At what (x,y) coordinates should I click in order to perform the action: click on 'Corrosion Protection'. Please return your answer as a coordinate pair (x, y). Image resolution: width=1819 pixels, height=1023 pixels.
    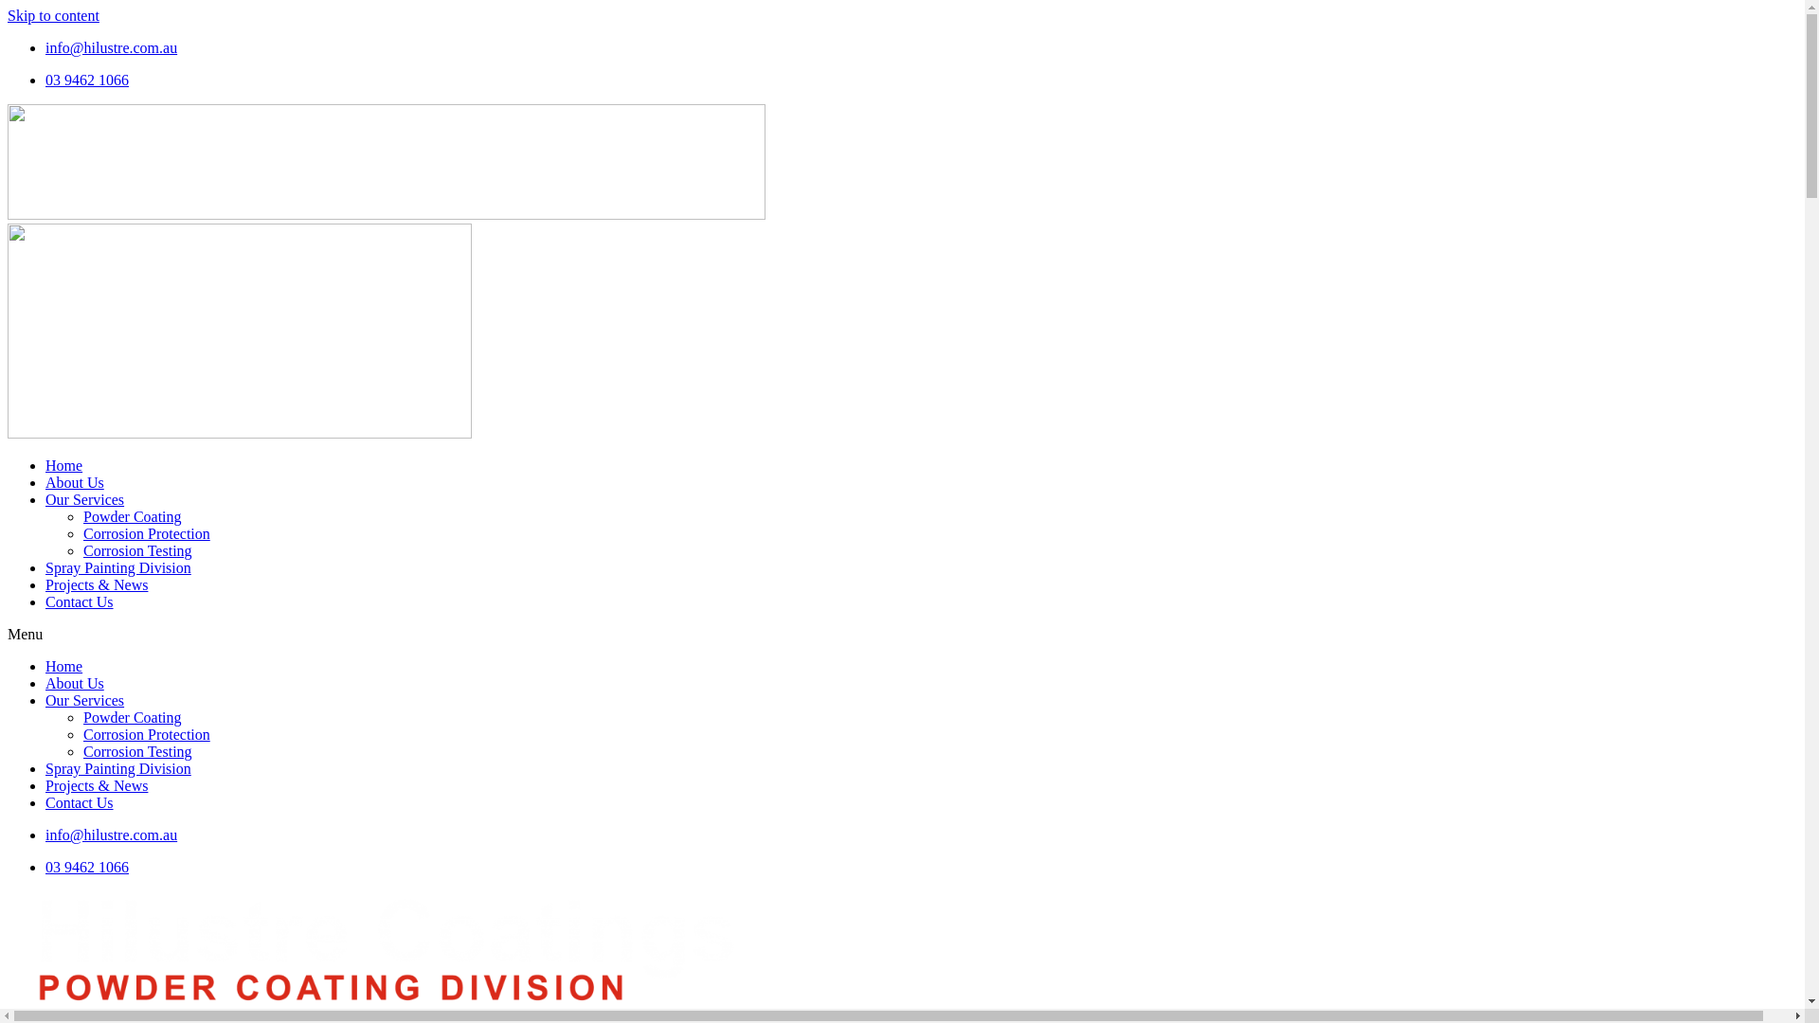
    Looking at the image, I should click on (145, 533).